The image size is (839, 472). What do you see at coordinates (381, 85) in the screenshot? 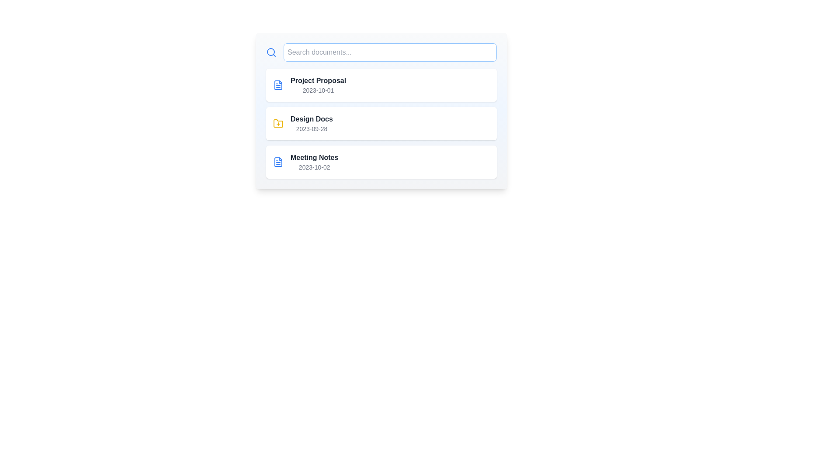
I see `the document item titled Project Proposal to select it` at bounding box center [381, 85].